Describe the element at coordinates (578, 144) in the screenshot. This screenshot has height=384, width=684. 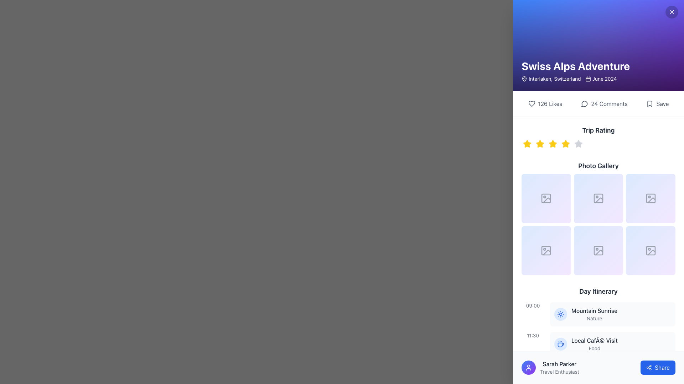
I see `the fifth star icon in the Trip Rating section, which represents the current rating state in a 1-to-5 rating system` at that location.